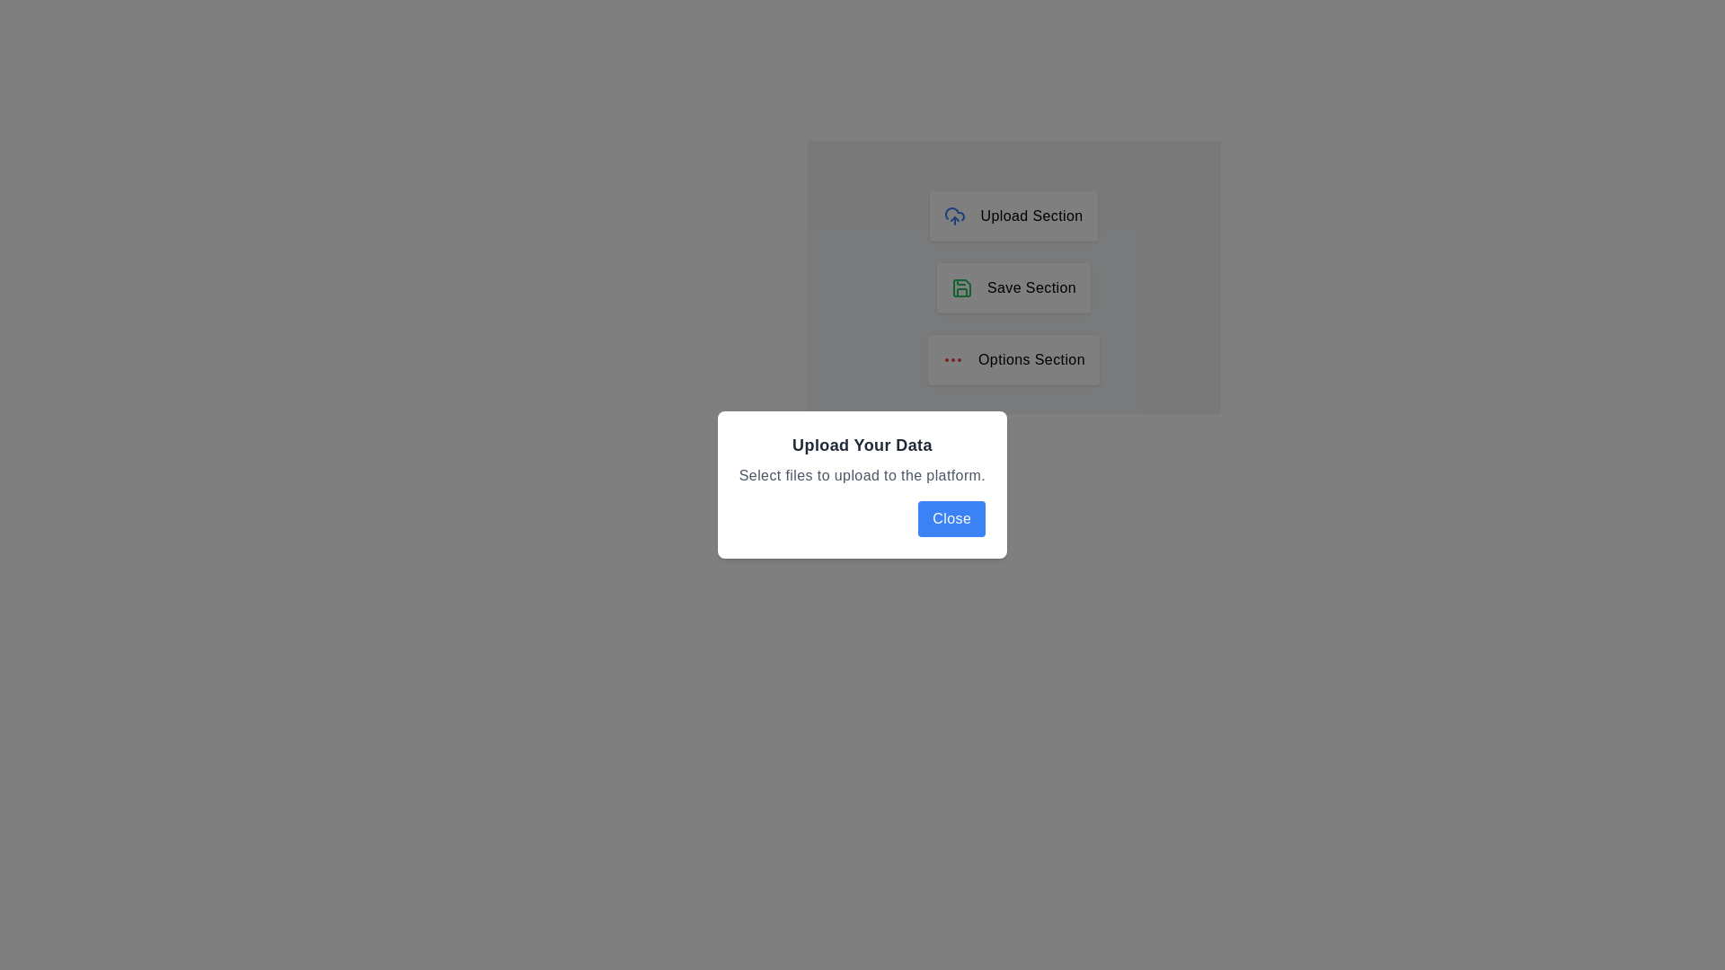 This screenshot has height=970, width=1725. I want to click on the blue 'Close' button with rounded corners to observe the hover effect, so click(951, 519).